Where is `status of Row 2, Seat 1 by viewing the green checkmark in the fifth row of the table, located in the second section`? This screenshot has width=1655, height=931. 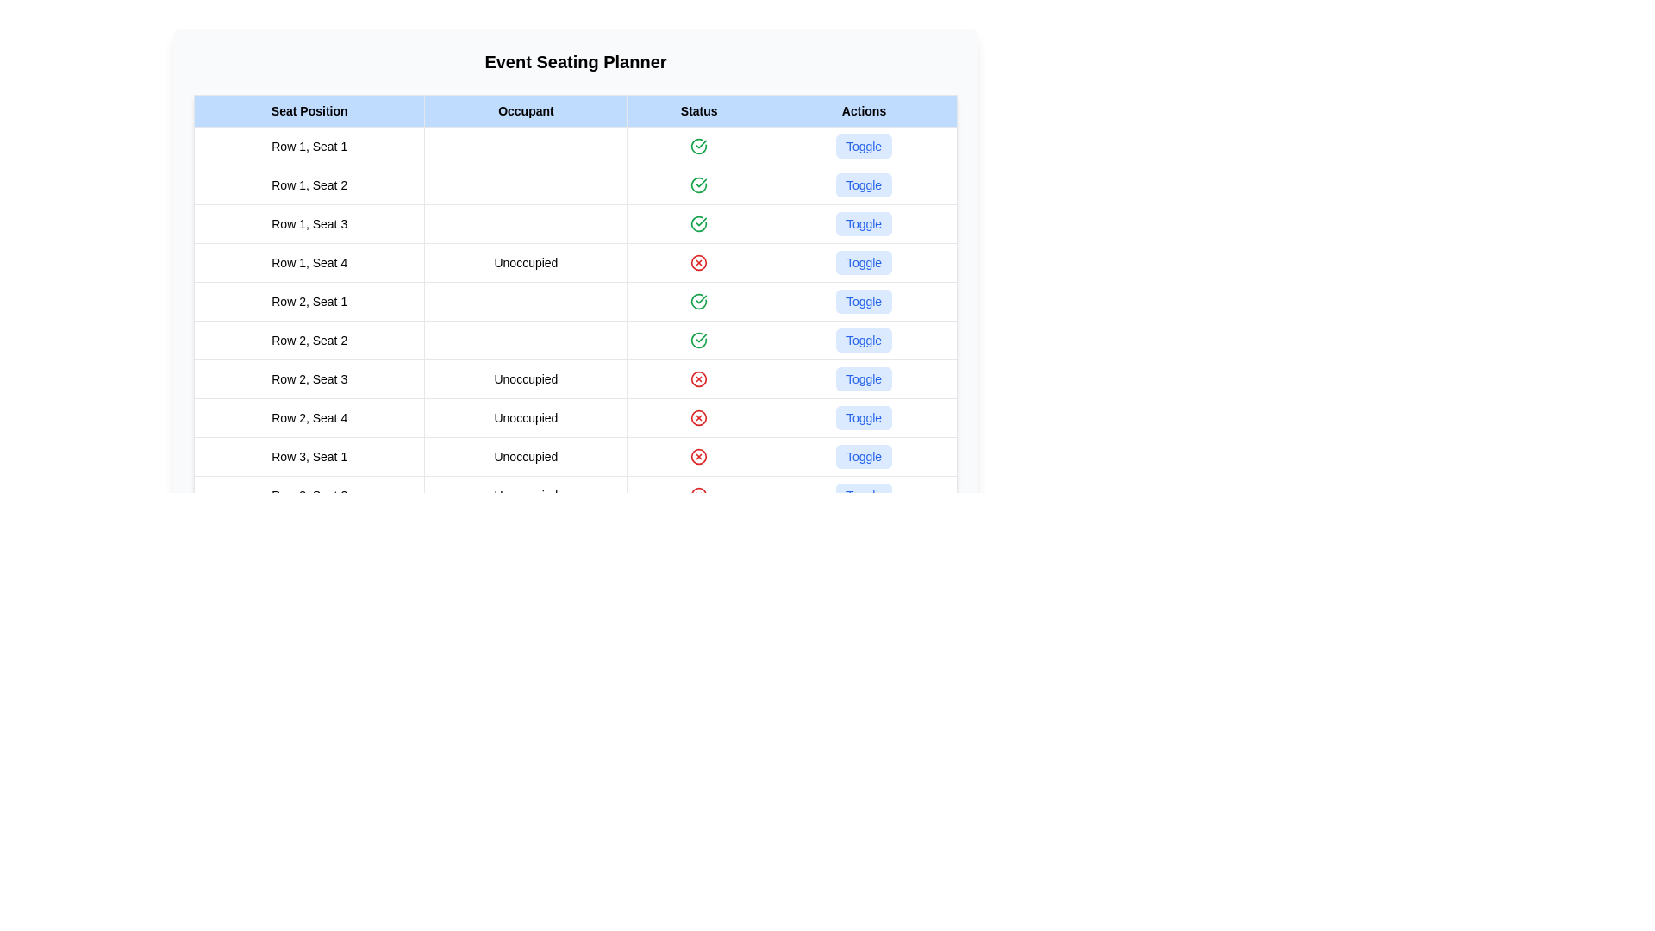
status of Row 2, Seat 1 by viewing the green checkmark in the fifth row of the table, located in the second section is located at coordinates (575, 301).